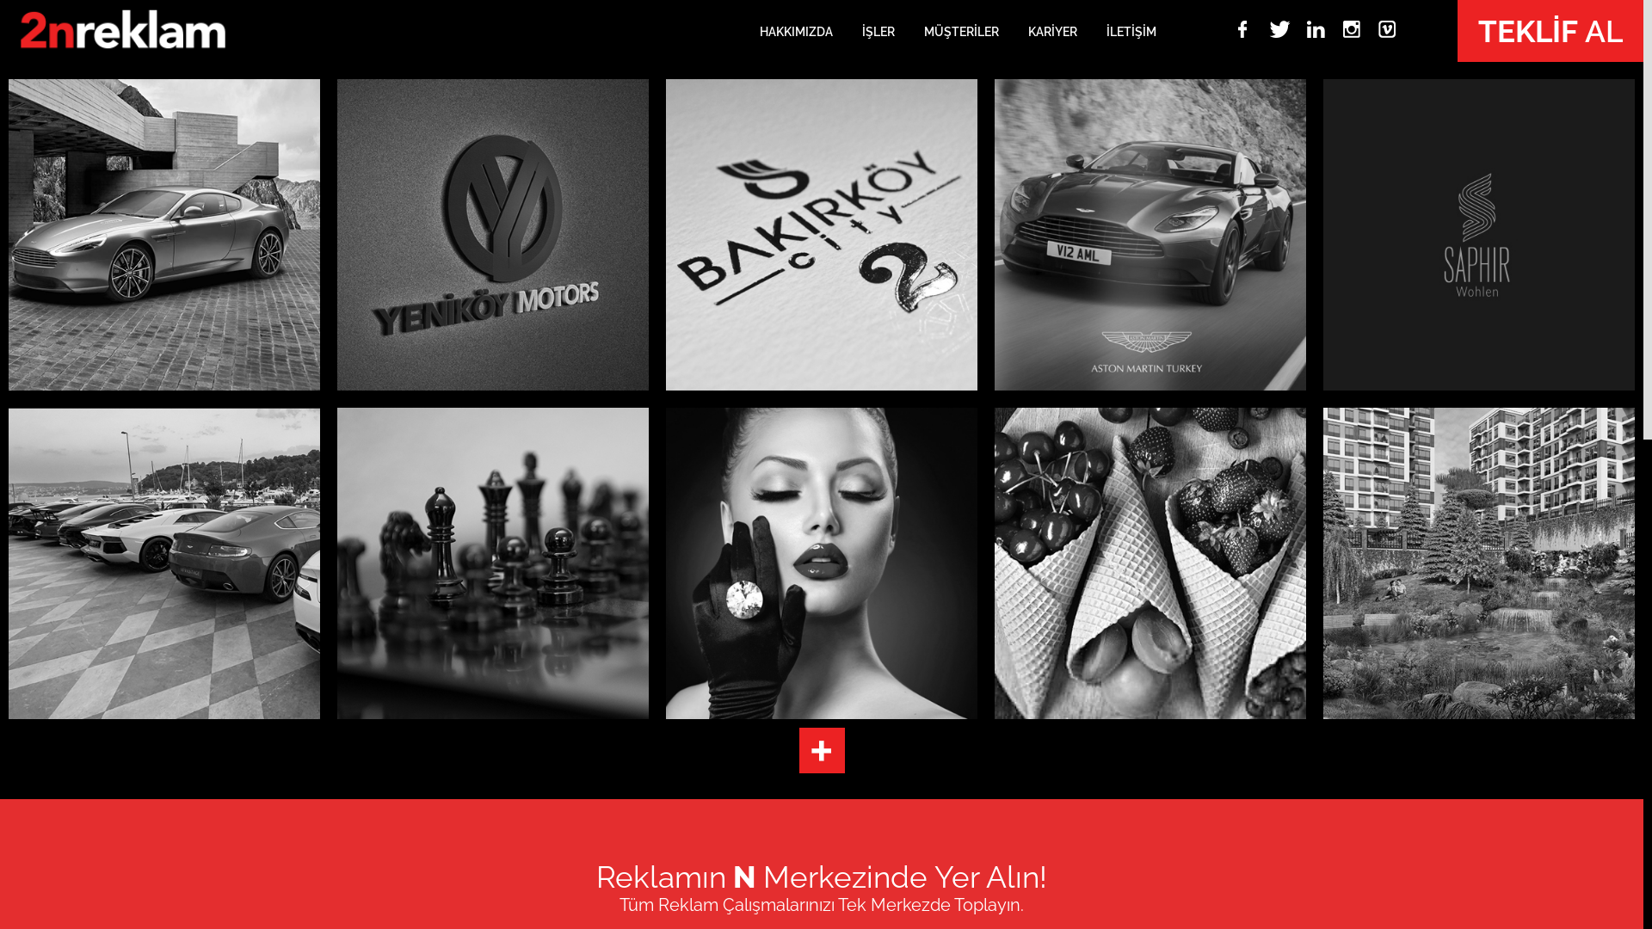  I want to click on 'HAKKIMIZDA', so click(808, 30).